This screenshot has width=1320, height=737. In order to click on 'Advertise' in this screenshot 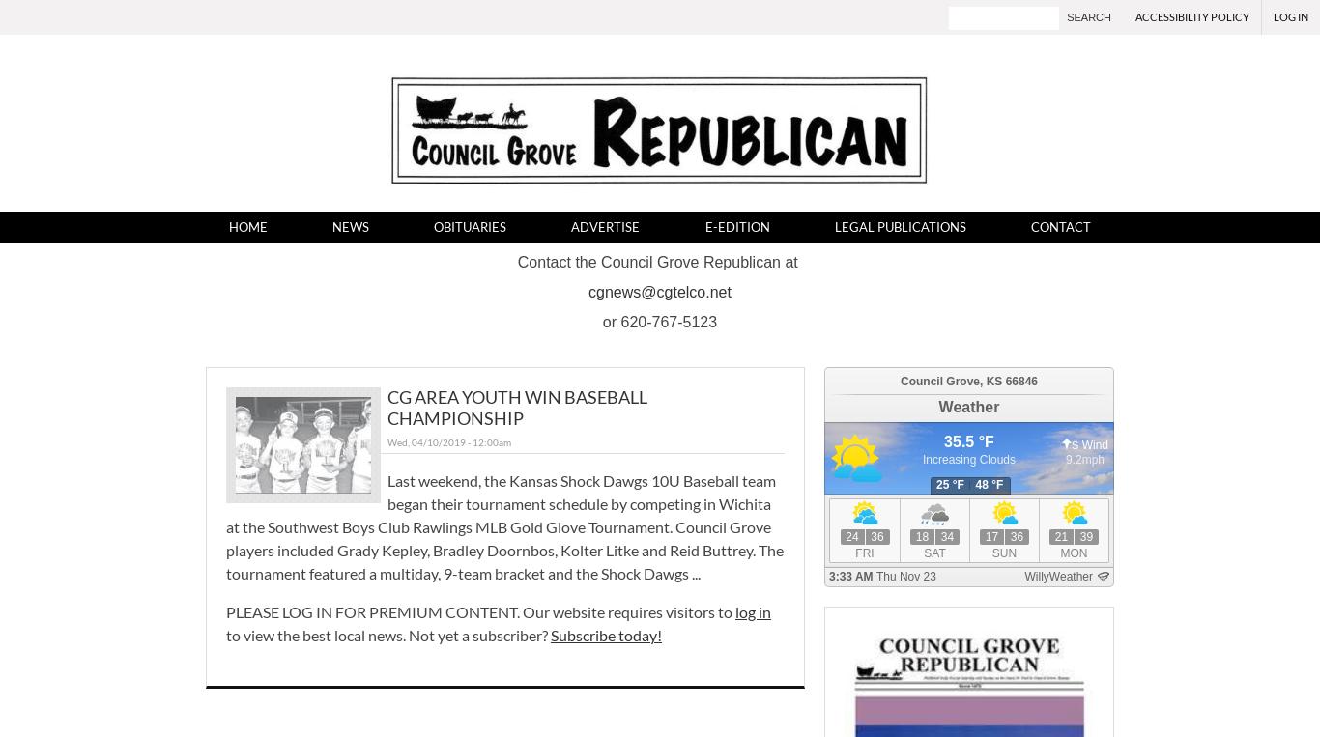, I will do `click(604, 226)`.